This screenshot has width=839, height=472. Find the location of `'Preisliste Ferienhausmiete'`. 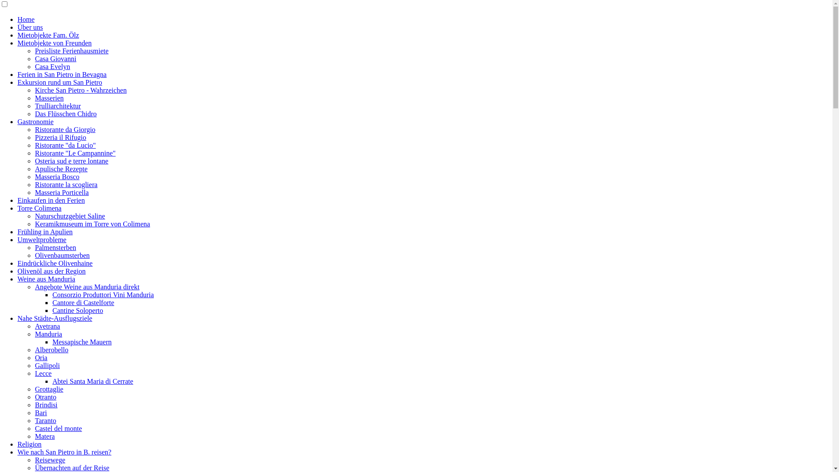

'Preisliste Ferienhausmiete' is located at coordinates (35, 51).